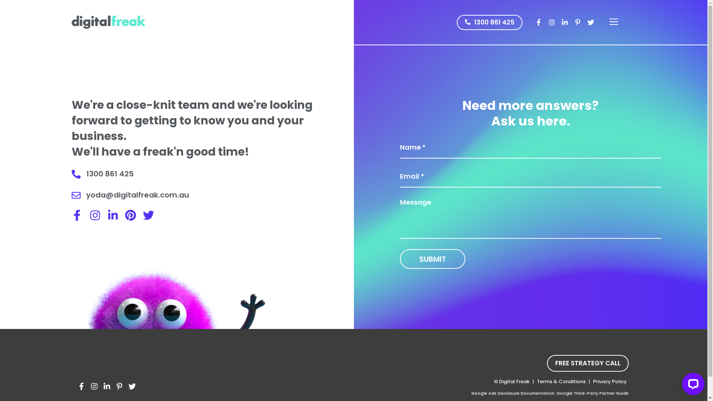  Describe the element at coordinates (399, 258) in the screenshot. I see `'Submit'` at that location.